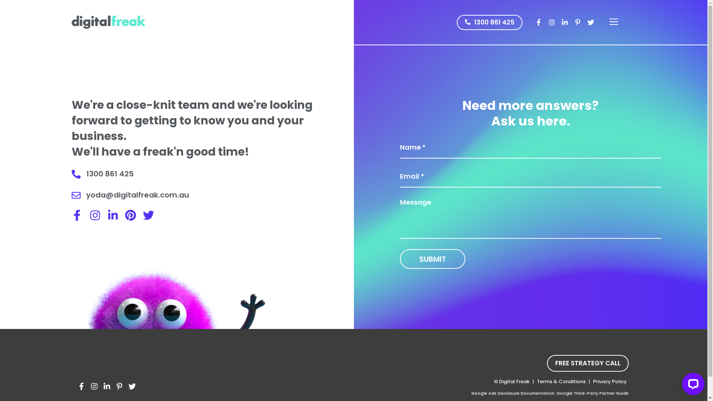  Describe the element at coordinates (399, 258) in the screenshot. I see `'Submit'` at that location.